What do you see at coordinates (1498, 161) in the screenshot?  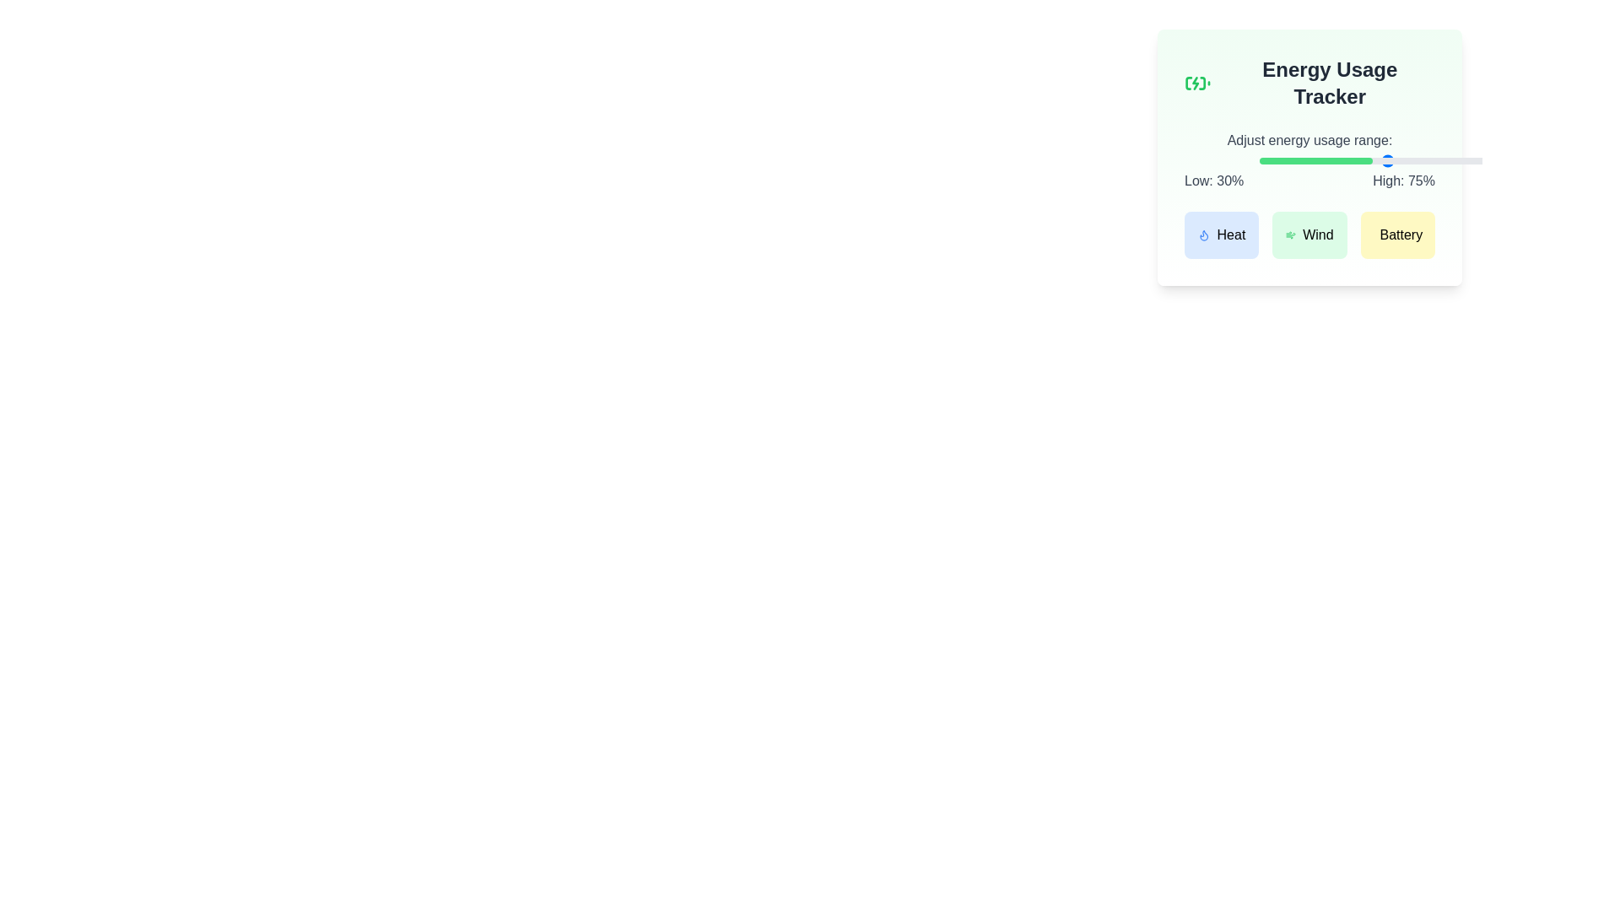 I see `the energy usage range` at bounding box center [1498, 161].